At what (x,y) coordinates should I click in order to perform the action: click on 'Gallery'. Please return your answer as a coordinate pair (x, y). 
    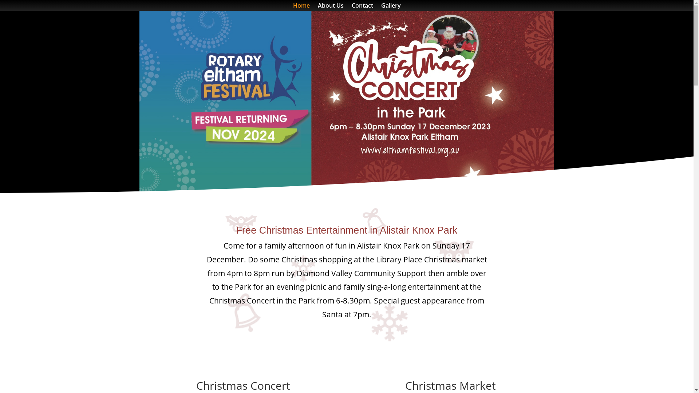
    Looking at the image, I should click on (390, 7).